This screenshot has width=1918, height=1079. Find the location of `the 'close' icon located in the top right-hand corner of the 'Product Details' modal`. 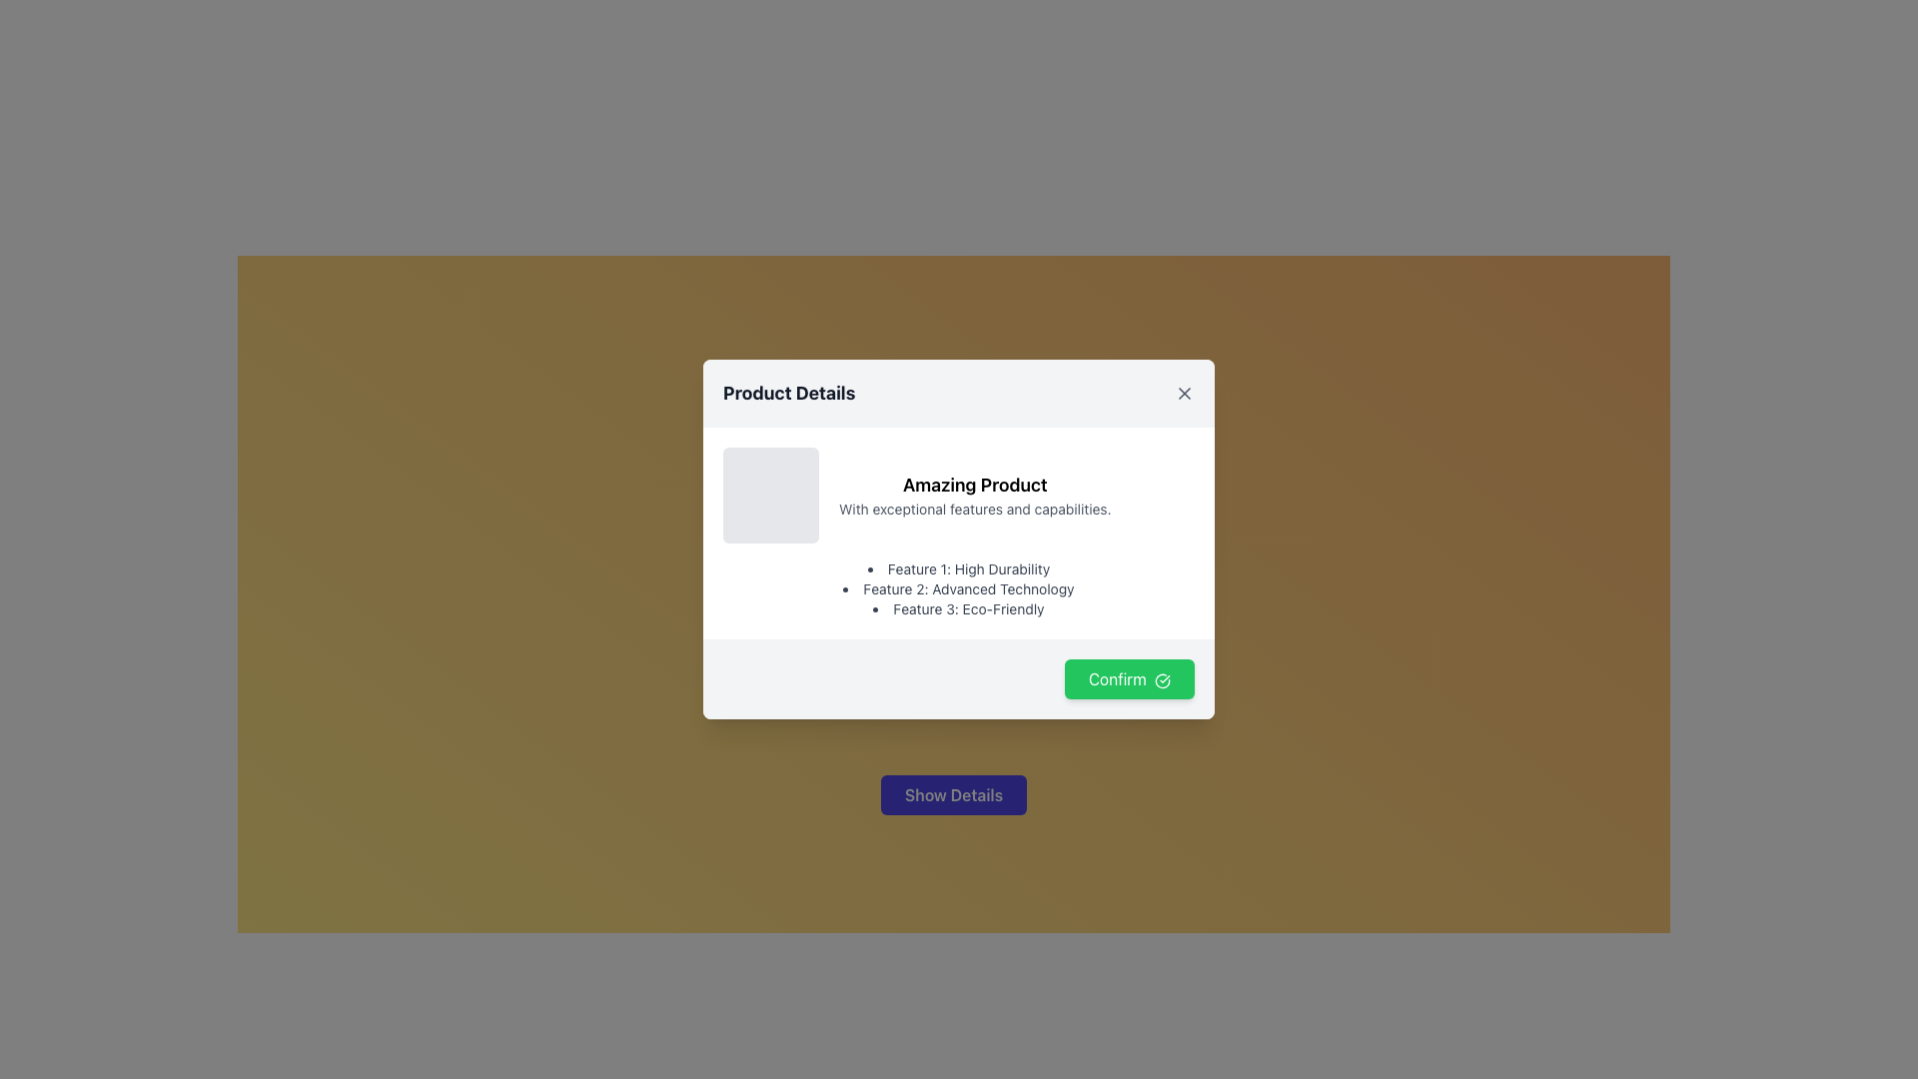

the 'close' icon located in the top right-hand corner of the 'Product Details' modal is located at coordinates (1184, 393).